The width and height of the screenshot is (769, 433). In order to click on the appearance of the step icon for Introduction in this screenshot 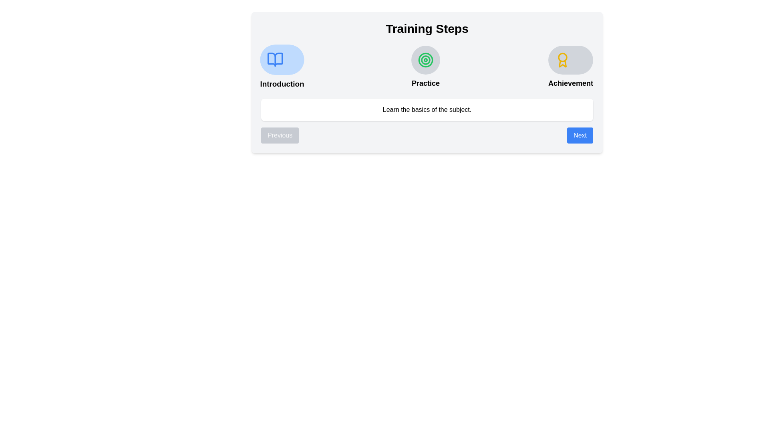, I will do `click(282, 59)`.